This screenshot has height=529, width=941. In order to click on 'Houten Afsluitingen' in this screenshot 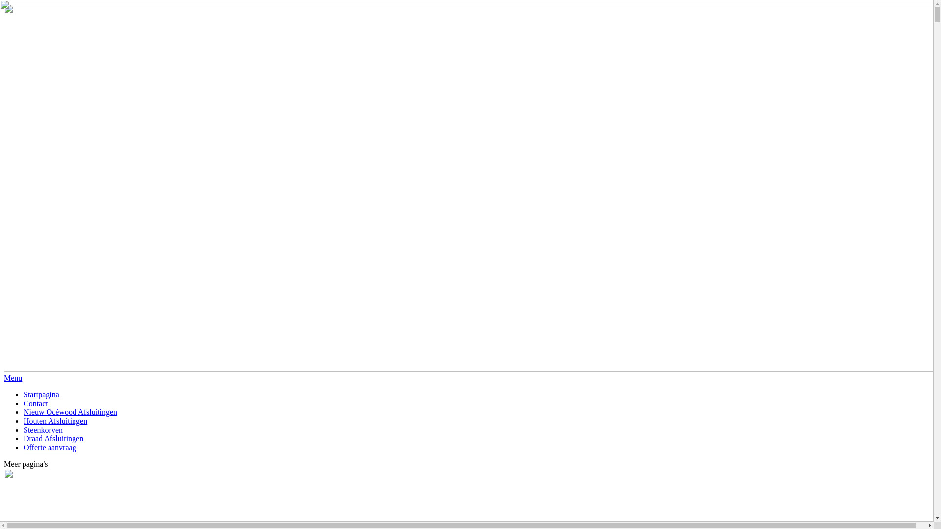, I will do `click(24, 420)`.